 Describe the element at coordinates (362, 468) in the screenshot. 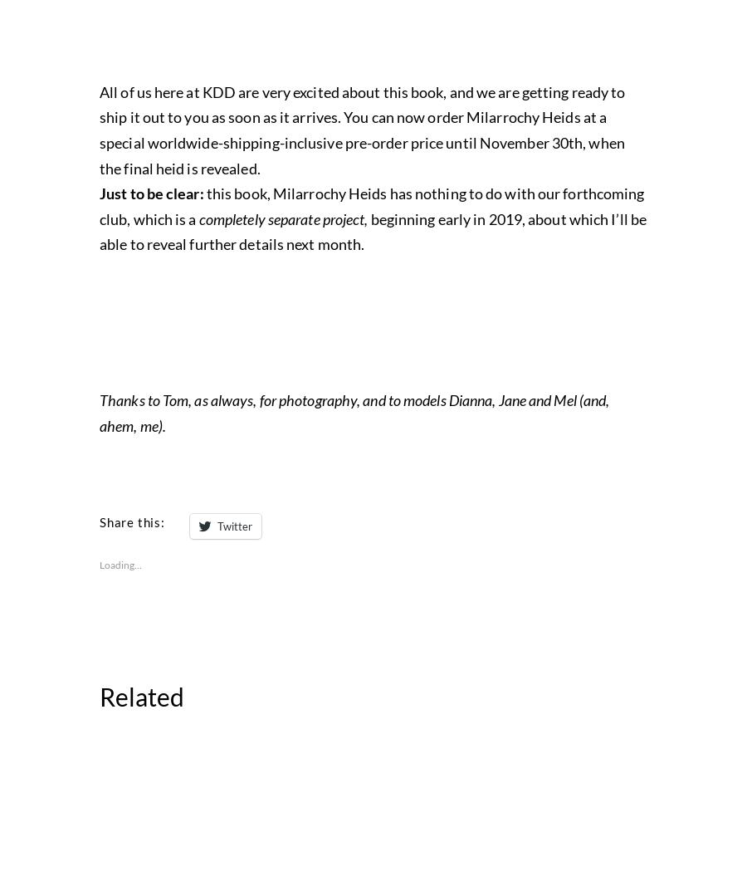

I see `'All of us here at KDD are very excited about this book, and we are getting ready to ship it out to you as soon as it arrives. You can now order Milarrochy Heids at'` at that location.